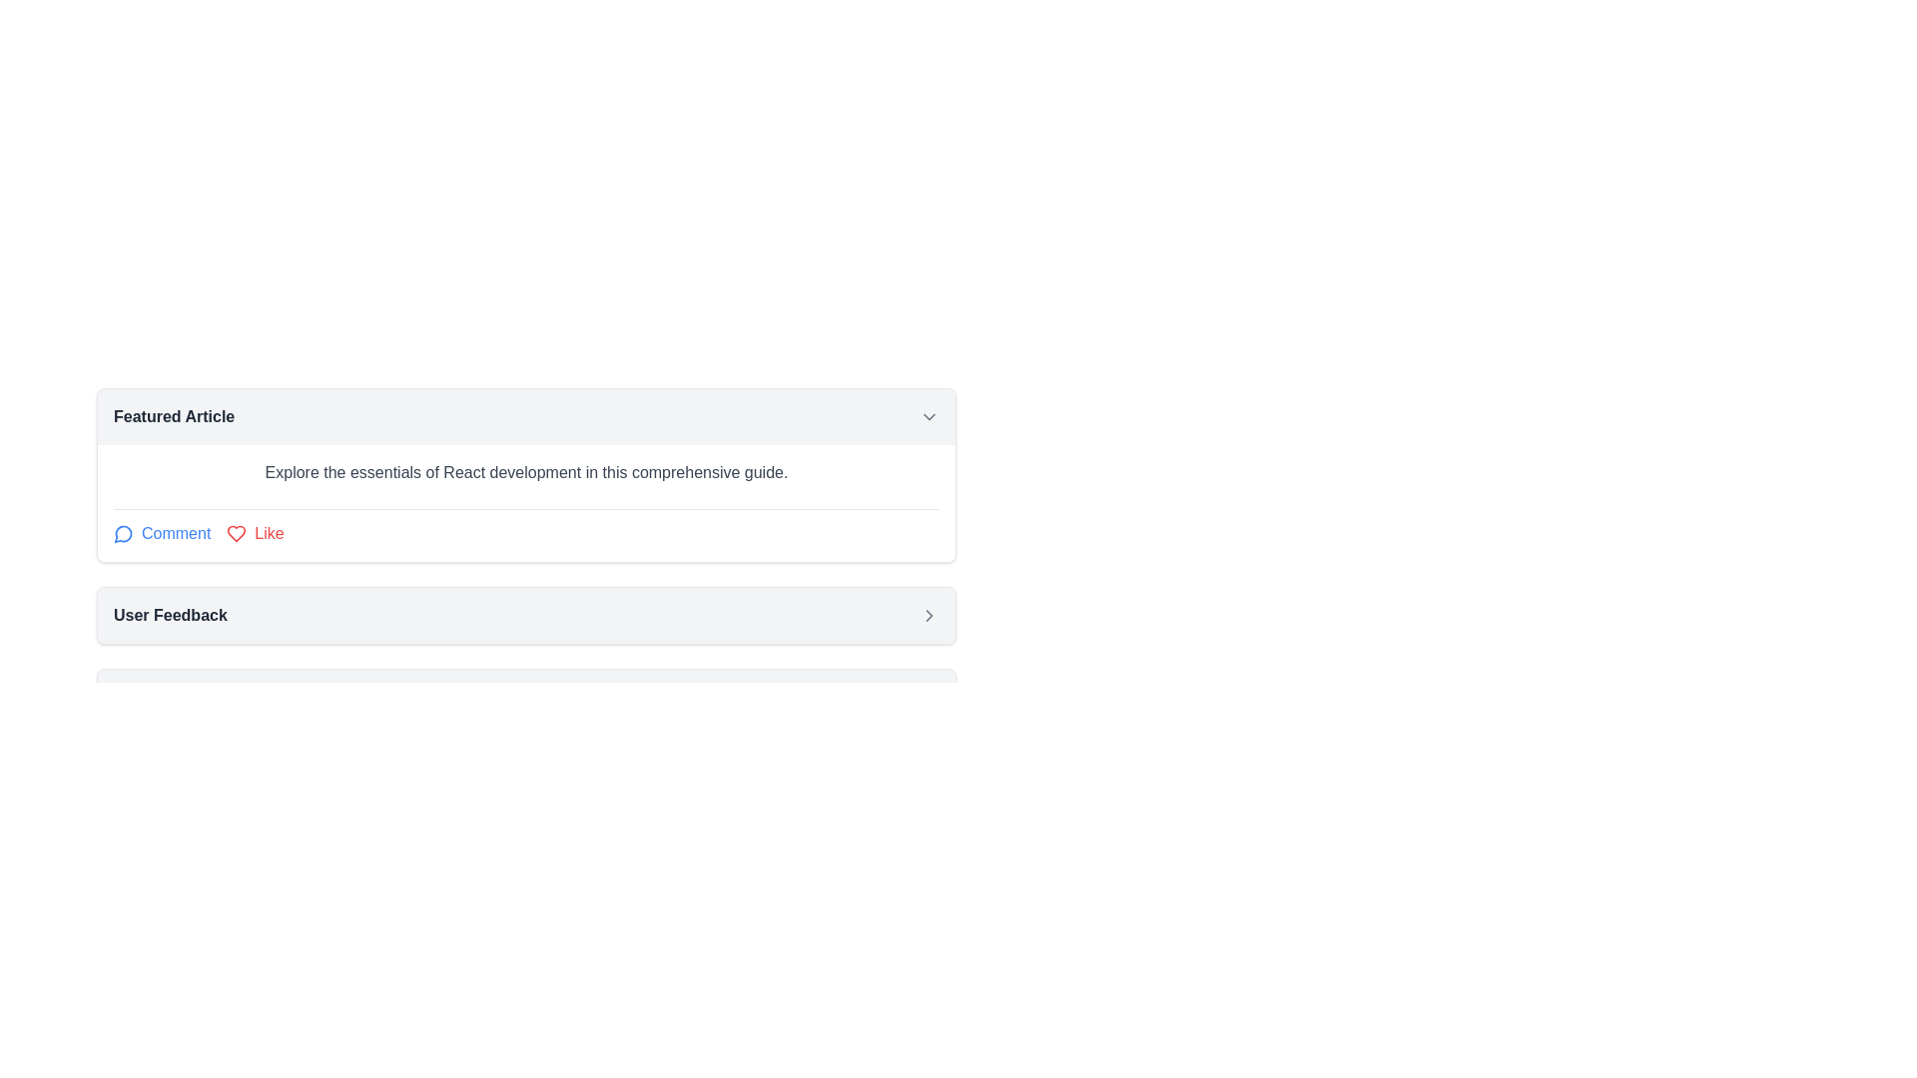 The height and width of the screenshot is (1078, 1917). I want to click on the decorative or functional 'Like' icon located in the lower section of the 'Featured Article' panel, next to the 'Comment' button, so click(237, 533).